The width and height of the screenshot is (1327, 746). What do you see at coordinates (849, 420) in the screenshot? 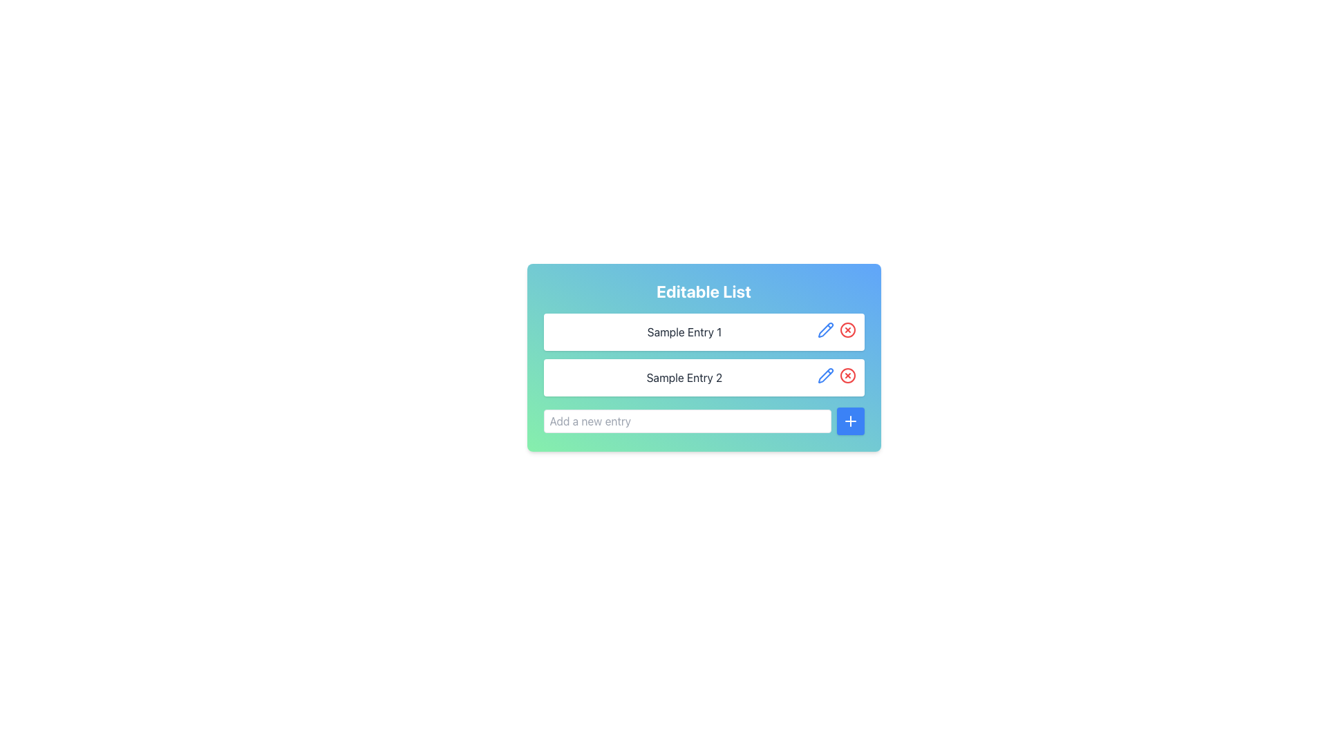
I see `the 'Add a new entry' button located within a blue-green gradient box at the bottom of the list to append a new item` at bounding box center [849, 420].